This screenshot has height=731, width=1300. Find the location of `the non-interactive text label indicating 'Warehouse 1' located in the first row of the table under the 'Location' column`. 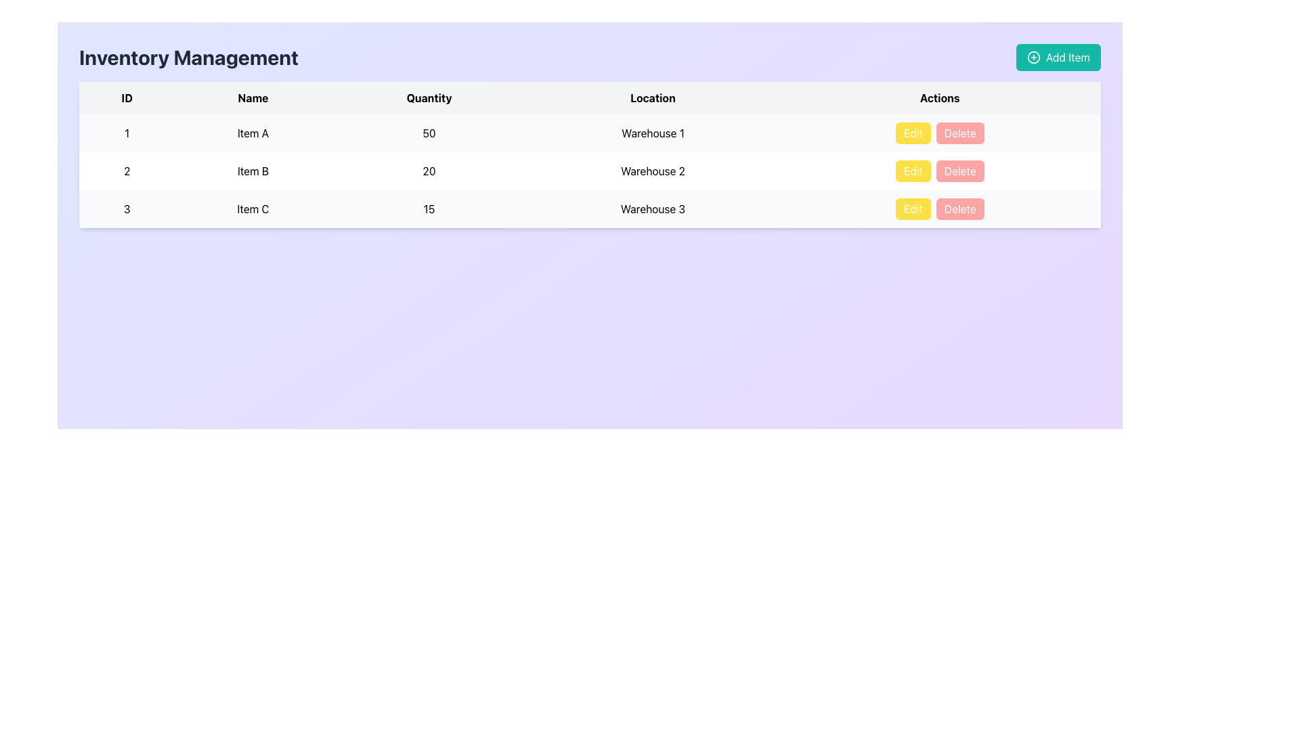

the non-interactive text label indicating 'Warehouse 1' located in the first row of the table under the 'Location' column is located at coordinates (653, 133).